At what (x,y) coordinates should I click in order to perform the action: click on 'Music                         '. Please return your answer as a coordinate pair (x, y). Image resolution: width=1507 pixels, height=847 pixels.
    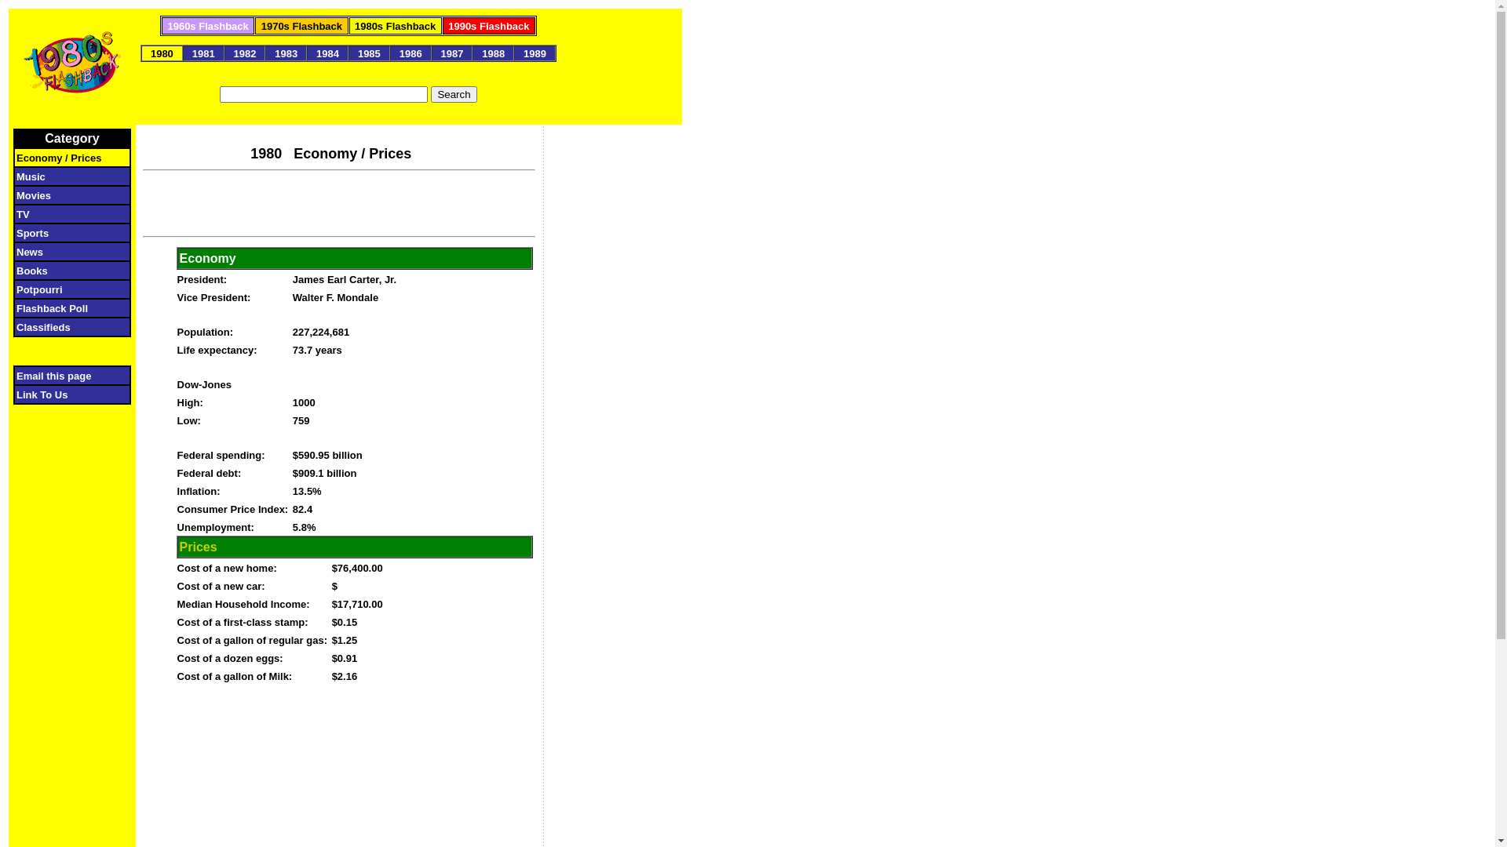
    Looking at the image, I should click on (65, 176).